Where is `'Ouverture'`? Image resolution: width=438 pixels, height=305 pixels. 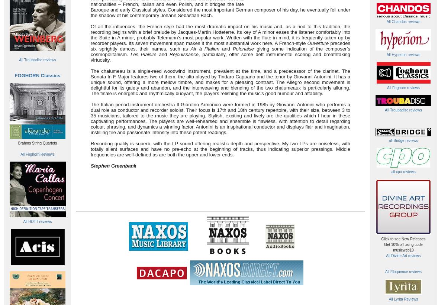 'Ouverture' is located at coordinates (307, 42).